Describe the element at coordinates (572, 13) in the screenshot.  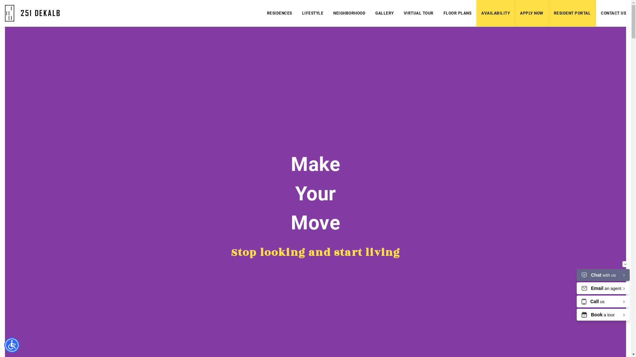
I see `'RESIDENT PORTAL'` at that location.